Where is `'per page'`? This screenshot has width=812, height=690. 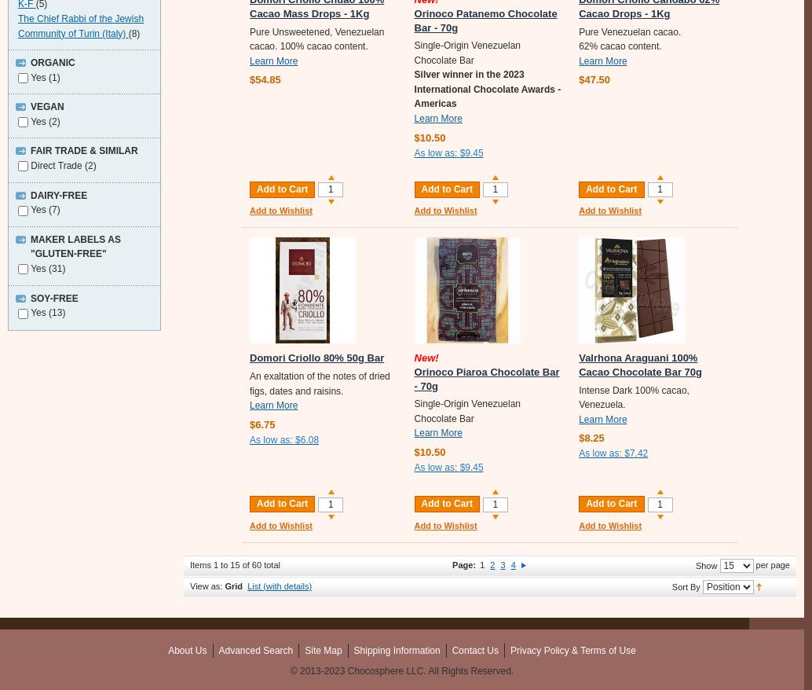
'per page' is located at coordinates (771, 563).